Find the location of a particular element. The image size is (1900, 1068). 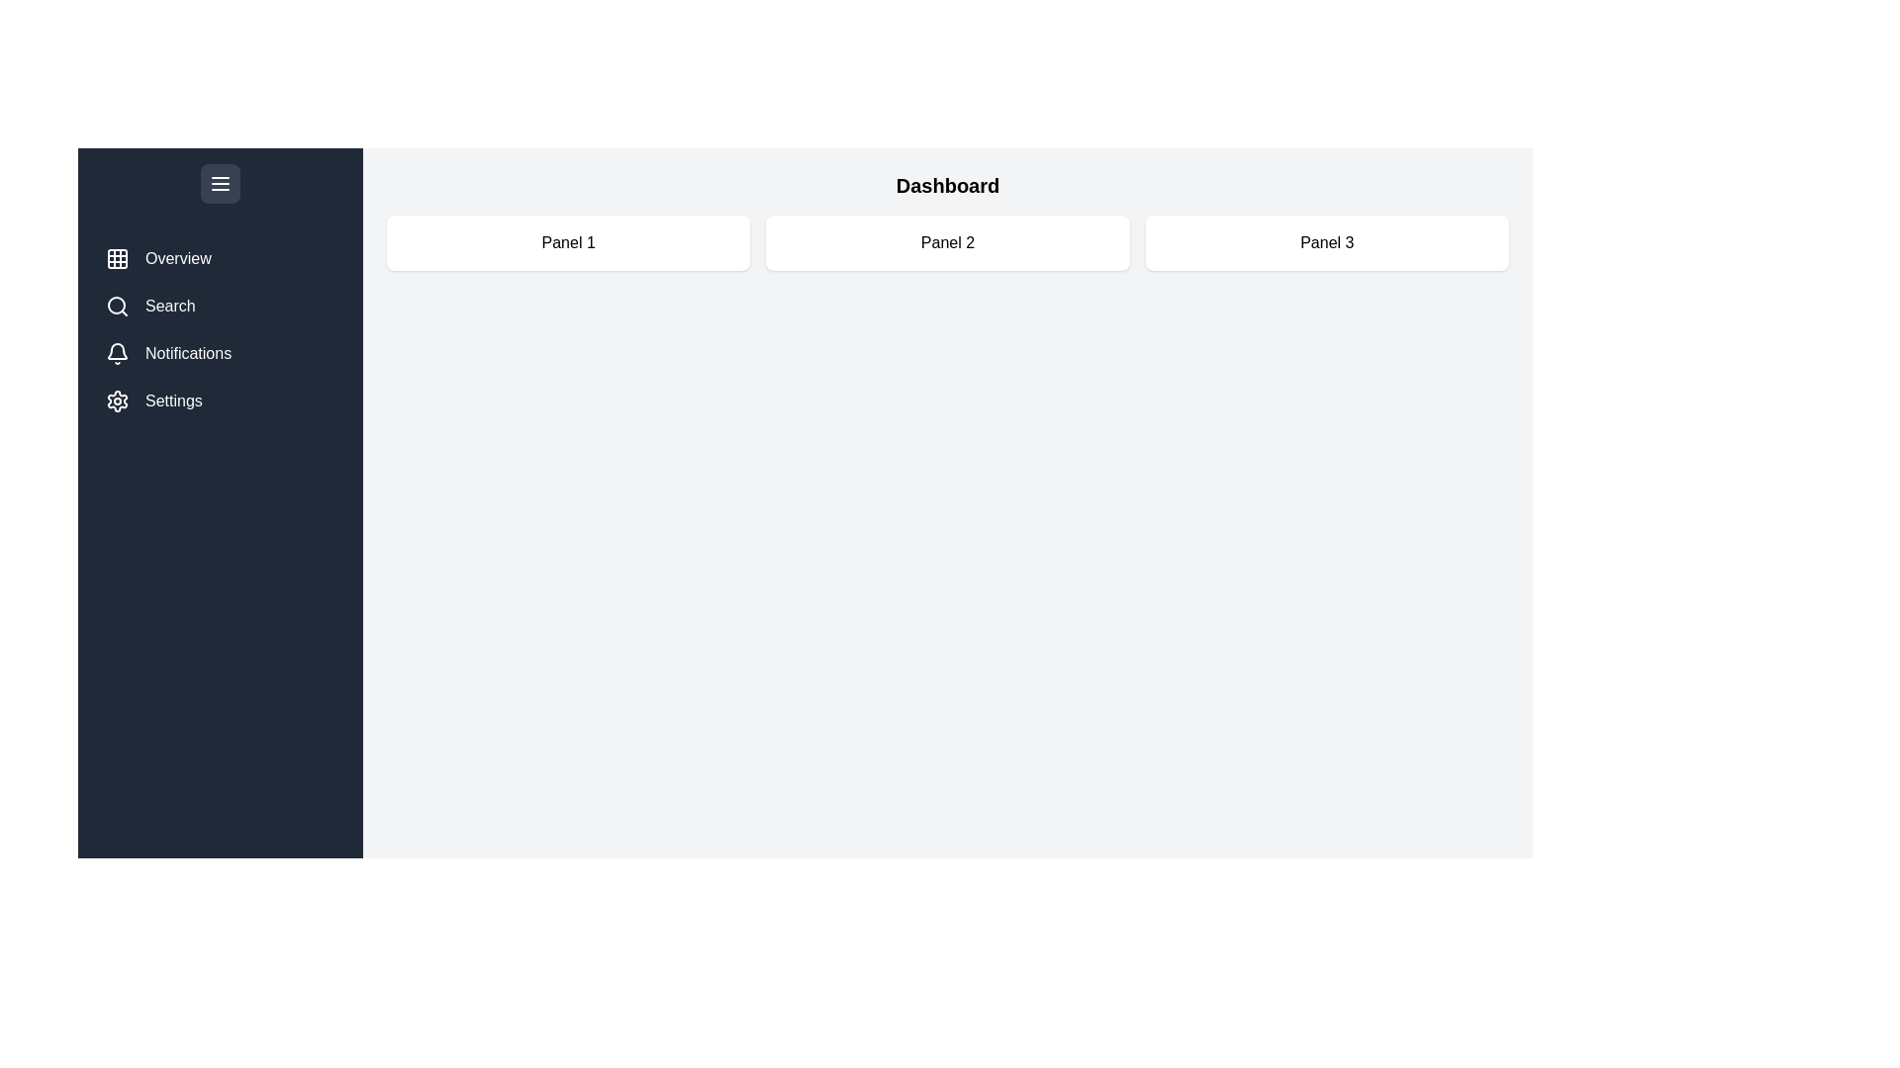

the menu button to toggle the drawer's visibility is located at coordinates (220, 183).